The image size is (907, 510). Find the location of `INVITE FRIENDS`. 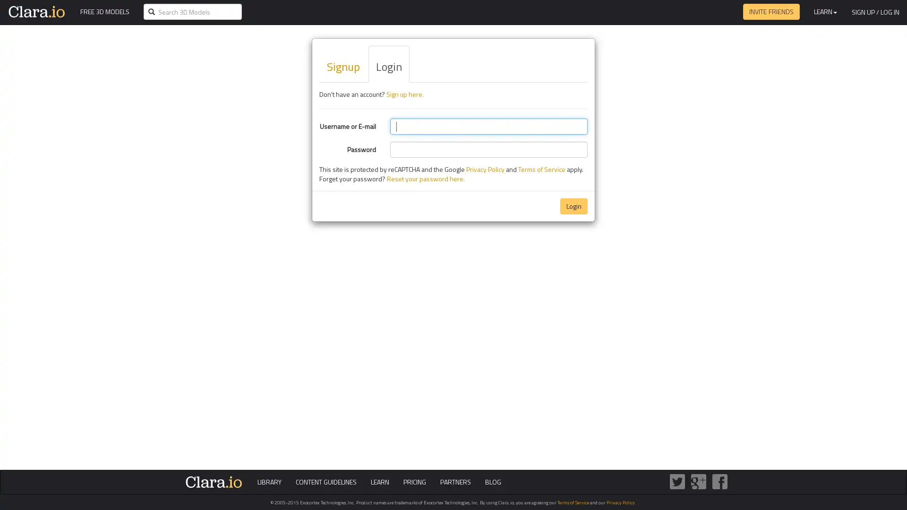

INVITE FRIENDS is located at coordinates (771, 11).